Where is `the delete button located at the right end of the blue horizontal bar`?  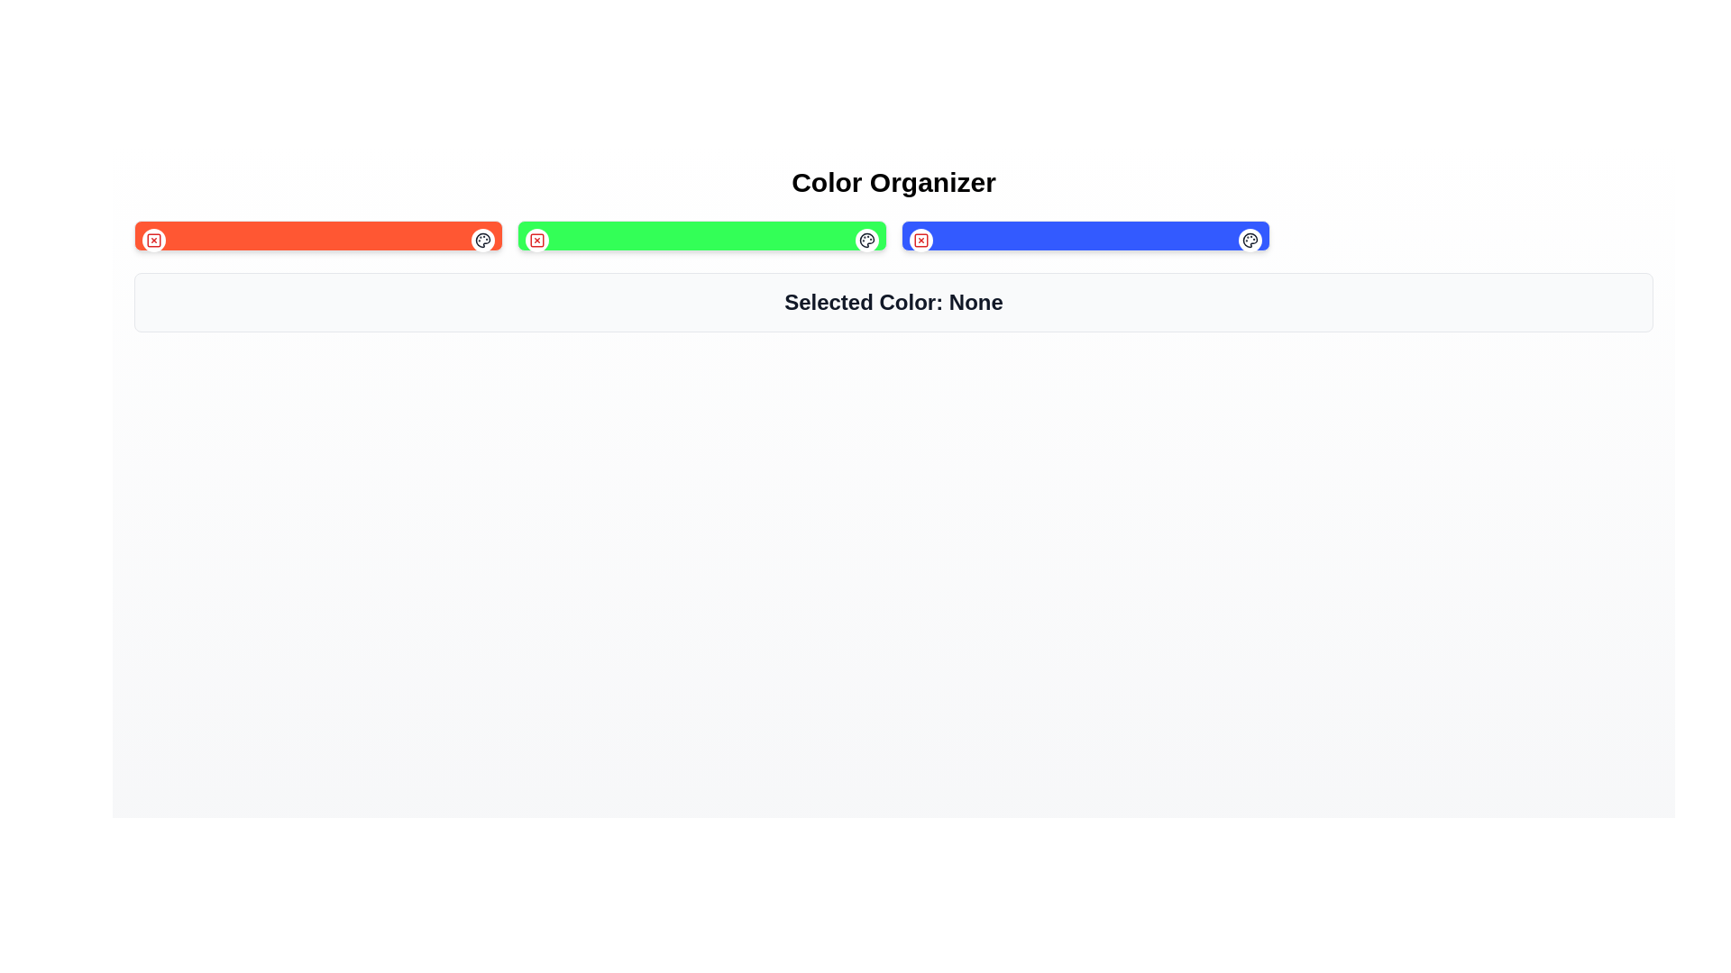 the delete button located at the right end of the blue horizontal bar is located at coordinates (920, 239).